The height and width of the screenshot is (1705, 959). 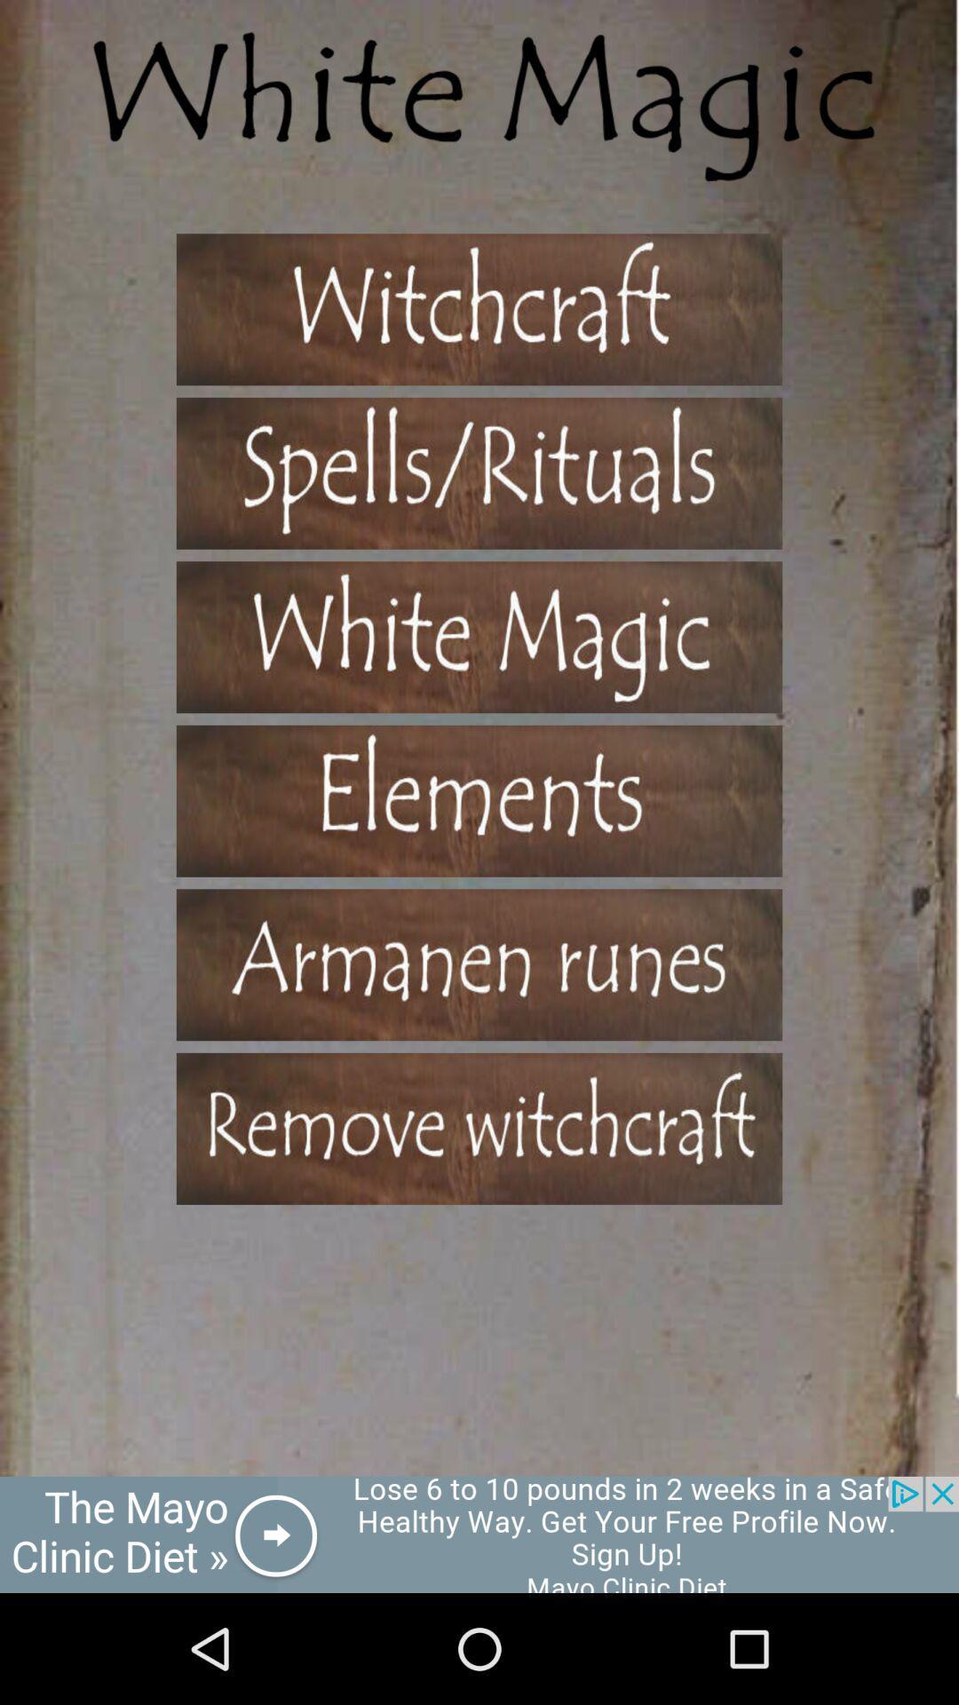 What do you see at coordinates (479, 309) in the screenshot?
I see `page` at bounding box center [479, 309].